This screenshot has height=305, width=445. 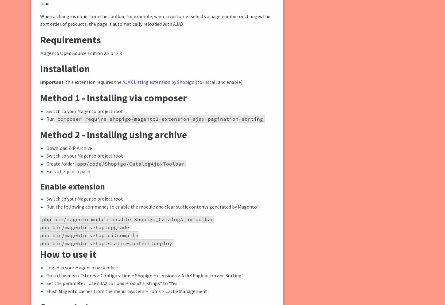 I want to click on 'Run the following commands to enable the module and clear static contents generated by Magento:', so click(x=152, y=206).